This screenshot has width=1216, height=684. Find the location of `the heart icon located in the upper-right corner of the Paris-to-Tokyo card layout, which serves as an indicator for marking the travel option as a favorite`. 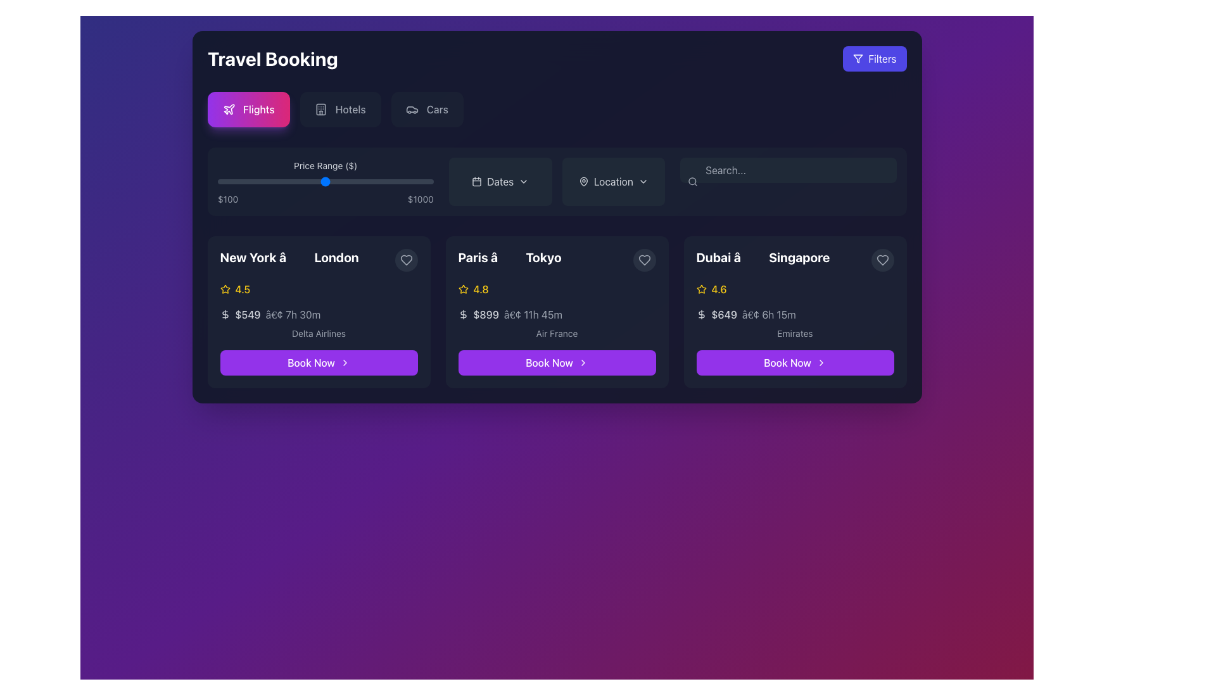

the heart icon located in the upper-right corner of the Paris-to-Tokyo card layout, which serves as an indicator for marking the travel option as a favorite is located at coordinates (644, 260).